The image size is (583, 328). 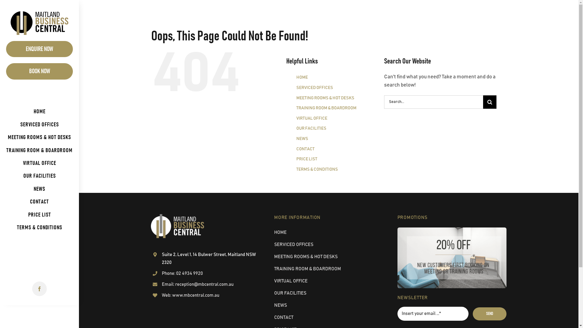 What do you see at coordinates (39, 137) in the screenshot?
I see `'MEETING ROOMS & HOT DESKS'` at bounding box center [39, 137].